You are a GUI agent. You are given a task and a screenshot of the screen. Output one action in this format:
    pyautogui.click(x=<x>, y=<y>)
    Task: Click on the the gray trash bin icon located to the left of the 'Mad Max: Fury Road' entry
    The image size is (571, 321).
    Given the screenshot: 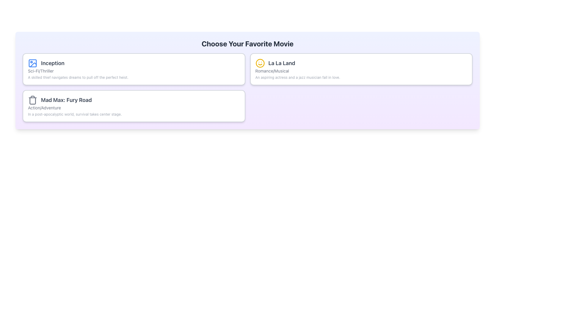 What is the action you would take?
    pyautogui.click(x=32, y=100)
    